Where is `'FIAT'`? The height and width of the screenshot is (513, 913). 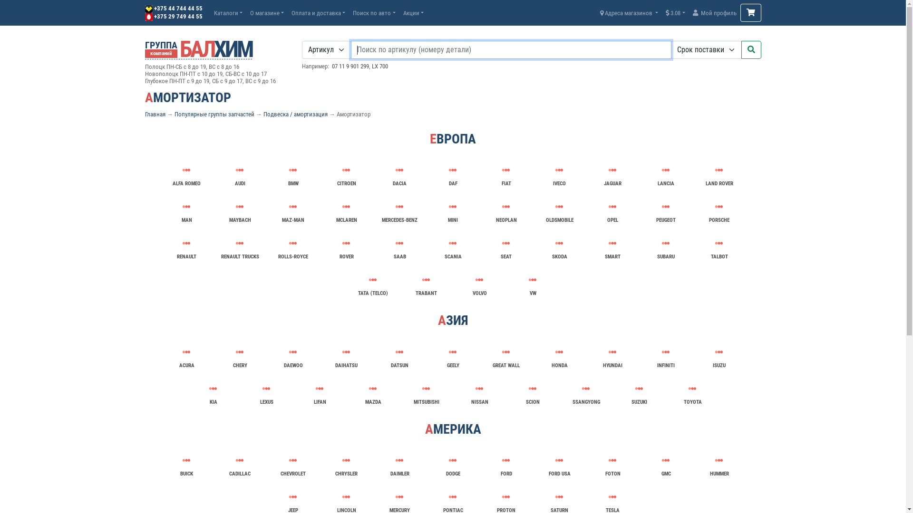
'FIAT' is located at coordinates (505, 170).